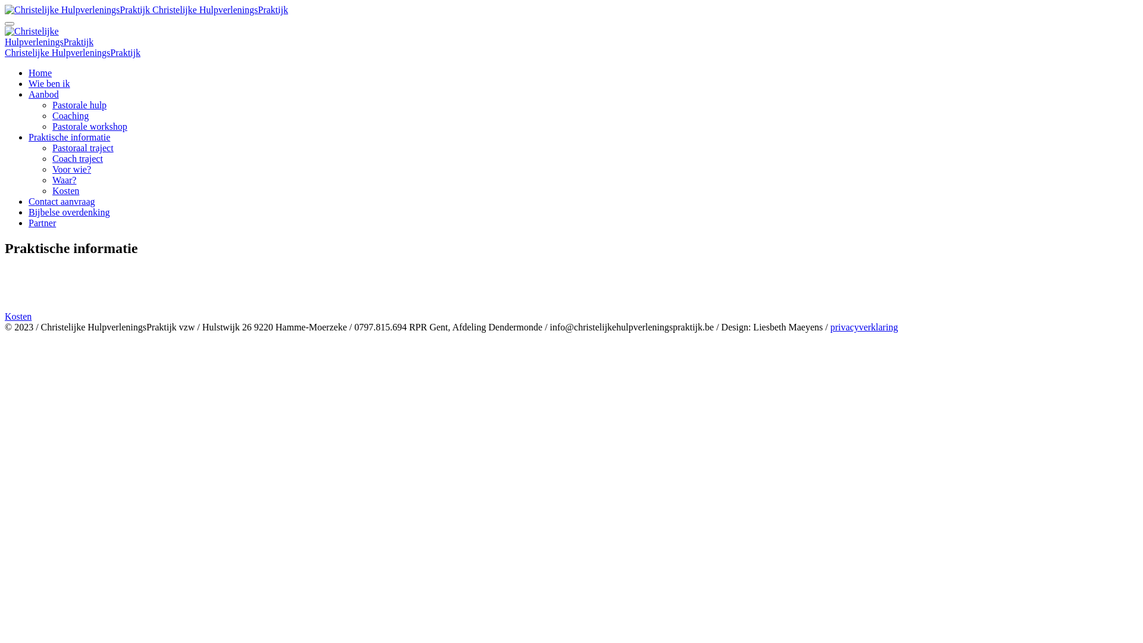 This screenshot has height=643, width=1143. Describe the element at coordinates (82, 147) in the screenshot. I see `'Pastoraal traject'` at that location.